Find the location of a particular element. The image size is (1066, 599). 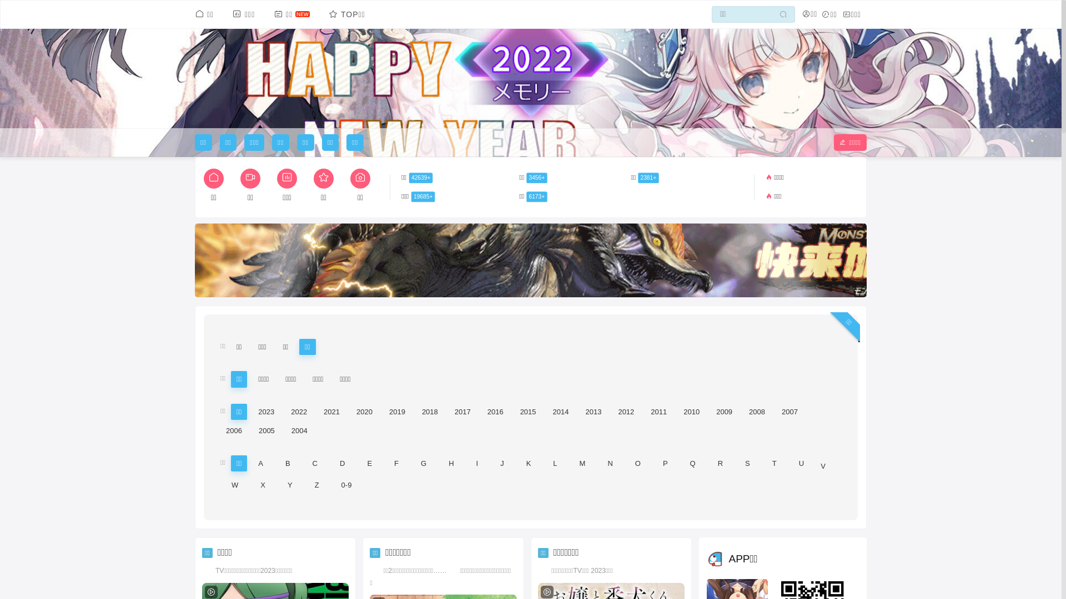

'2023' is located at coordinates (265, 412).